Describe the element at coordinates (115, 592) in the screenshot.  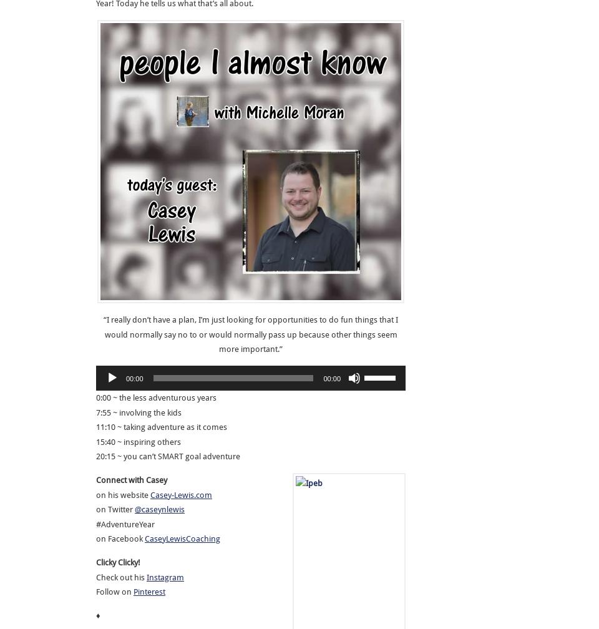
I see `'Follow on'` at that location.